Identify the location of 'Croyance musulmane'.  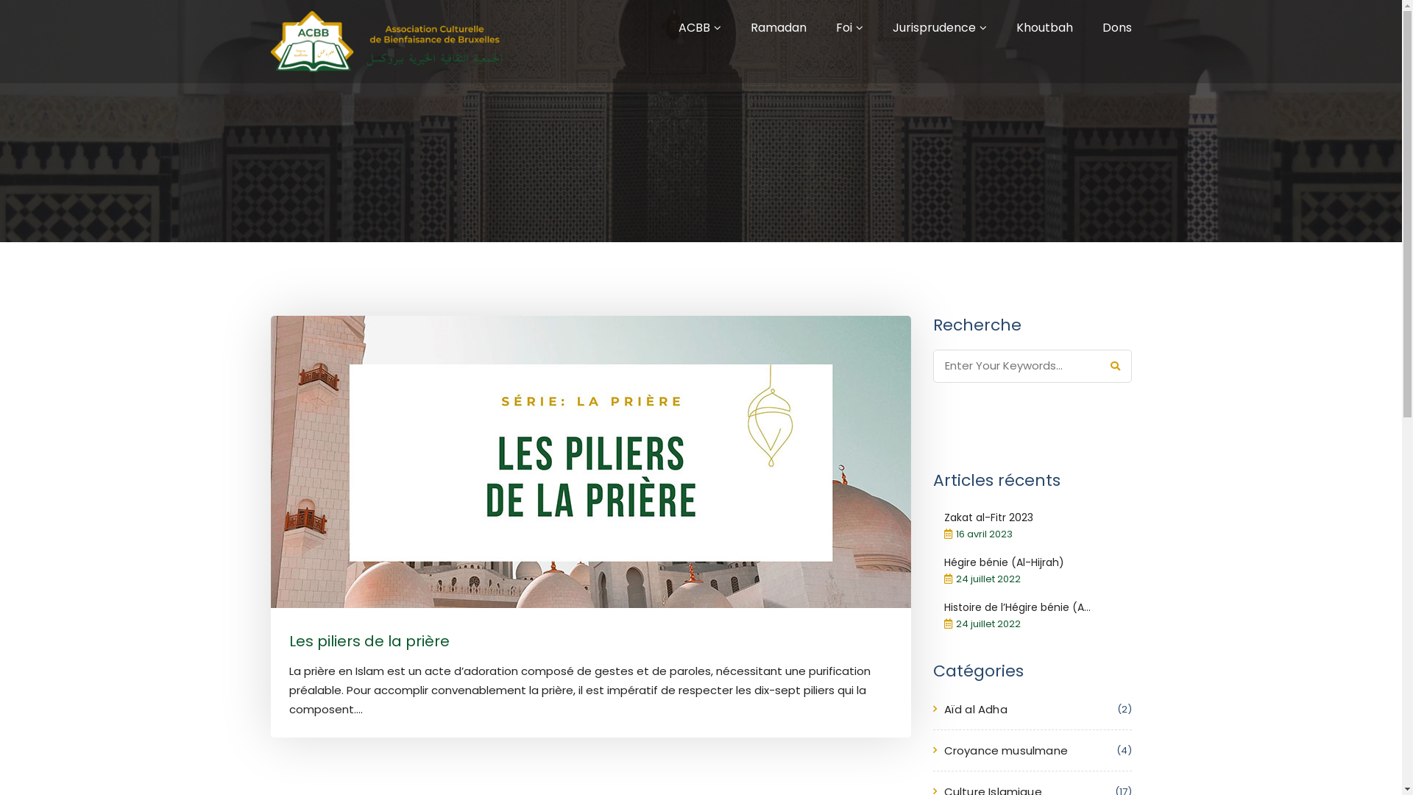
(1005, 750).